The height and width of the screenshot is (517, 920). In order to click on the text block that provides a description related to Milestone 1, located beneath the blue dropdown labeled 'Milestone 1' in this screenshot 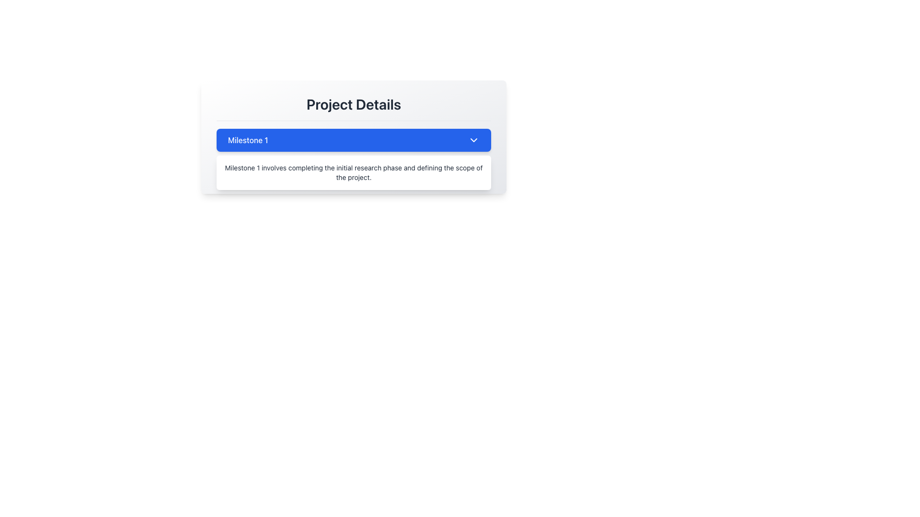, I will do `click(353, 173)`.